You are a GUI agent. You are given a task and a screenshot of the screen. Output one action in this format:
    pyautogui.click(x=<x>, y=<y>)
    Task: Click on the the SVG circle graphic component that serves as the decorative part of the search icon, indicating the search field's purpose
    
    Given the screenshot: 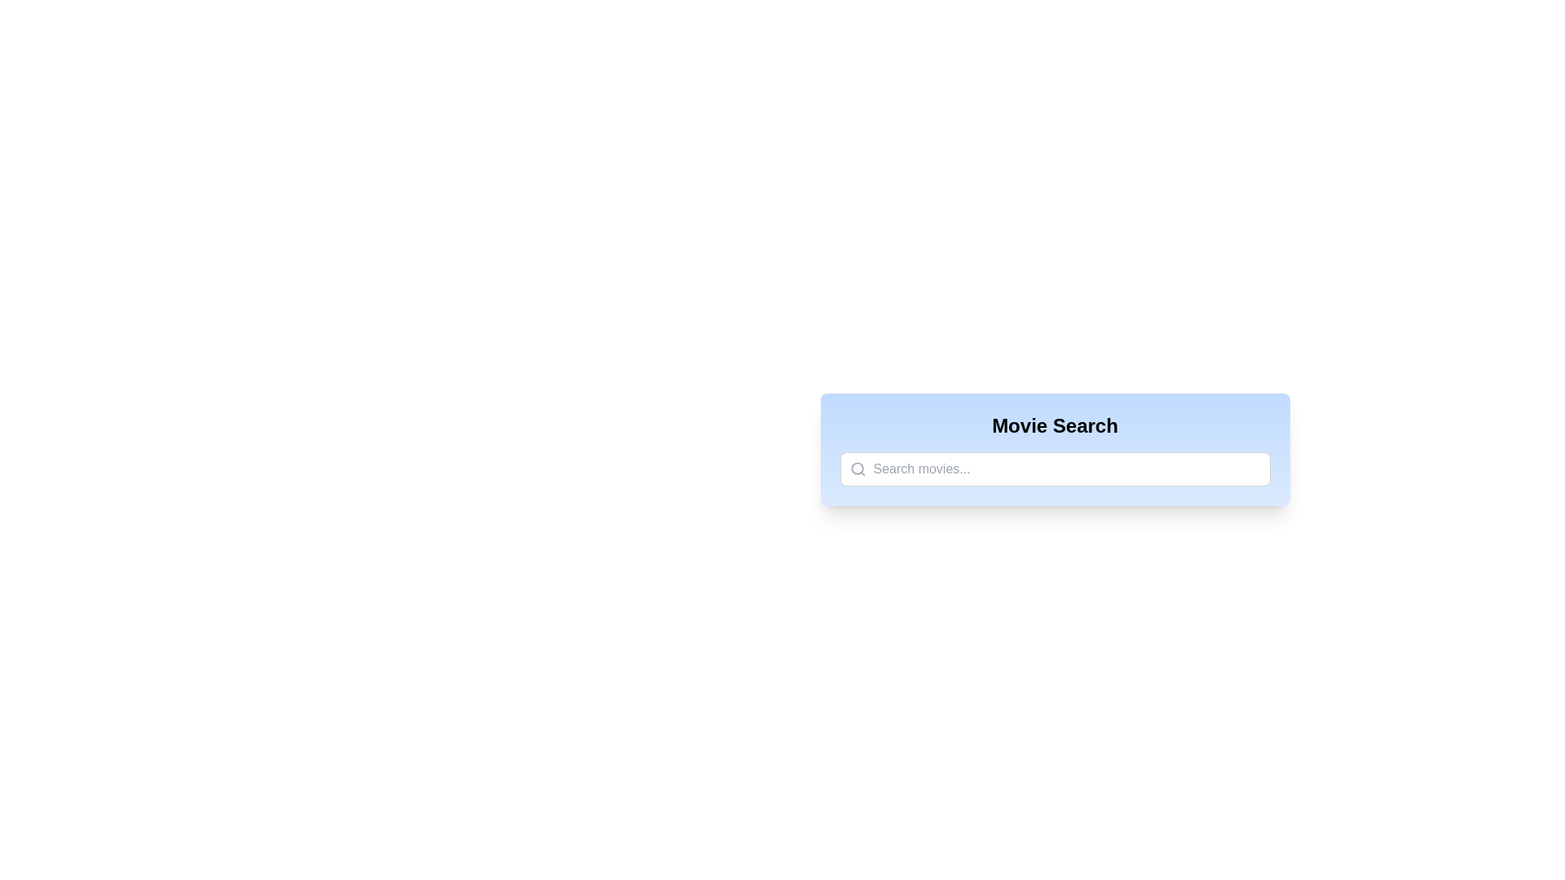 What is the action you would take?
    pyautogui.click(x=856, y=469)
    